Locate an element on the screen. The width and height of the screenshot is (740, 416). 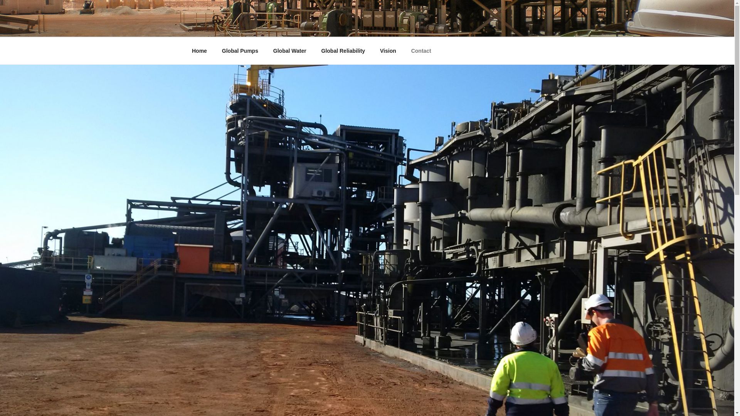
'Vision' is located at coordinates (373, 51).